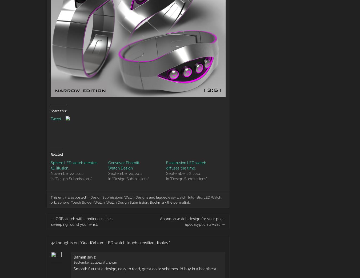 Image resolution: width=360 pixels, height=278 pixels. Describe the element at coordinates (79, 257) in the screenshot. I see `'Damon'` at that location.